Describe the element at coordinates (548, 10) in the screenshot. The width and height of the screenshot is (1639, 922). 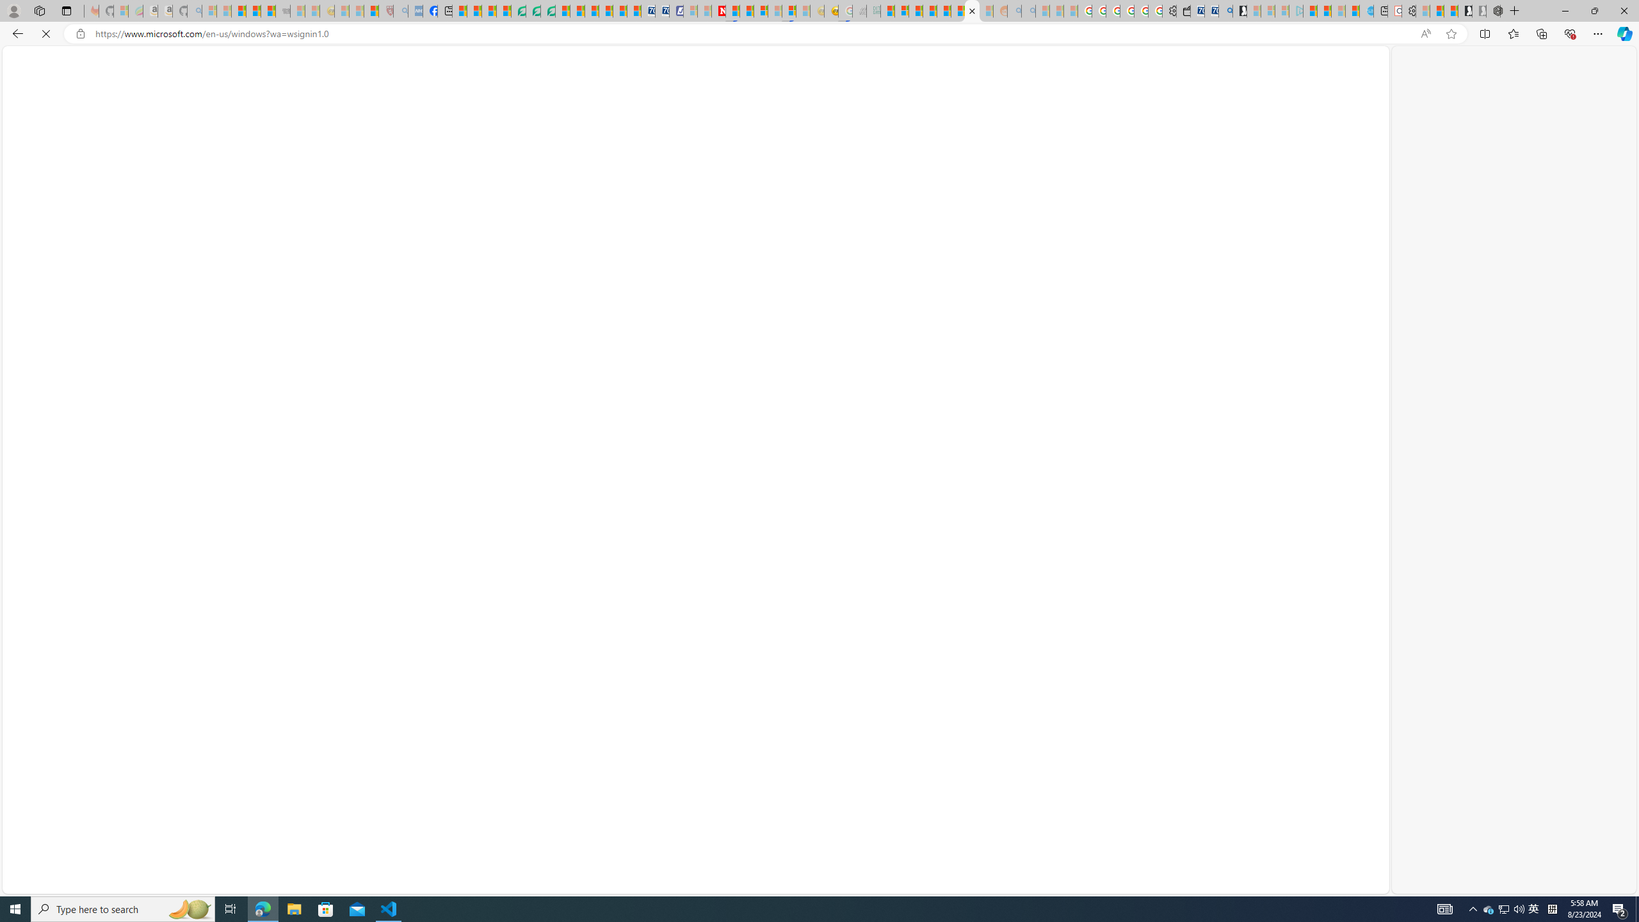
I see `'Microsoft Word - consumer-privacy address update 2.2021'` at that location.